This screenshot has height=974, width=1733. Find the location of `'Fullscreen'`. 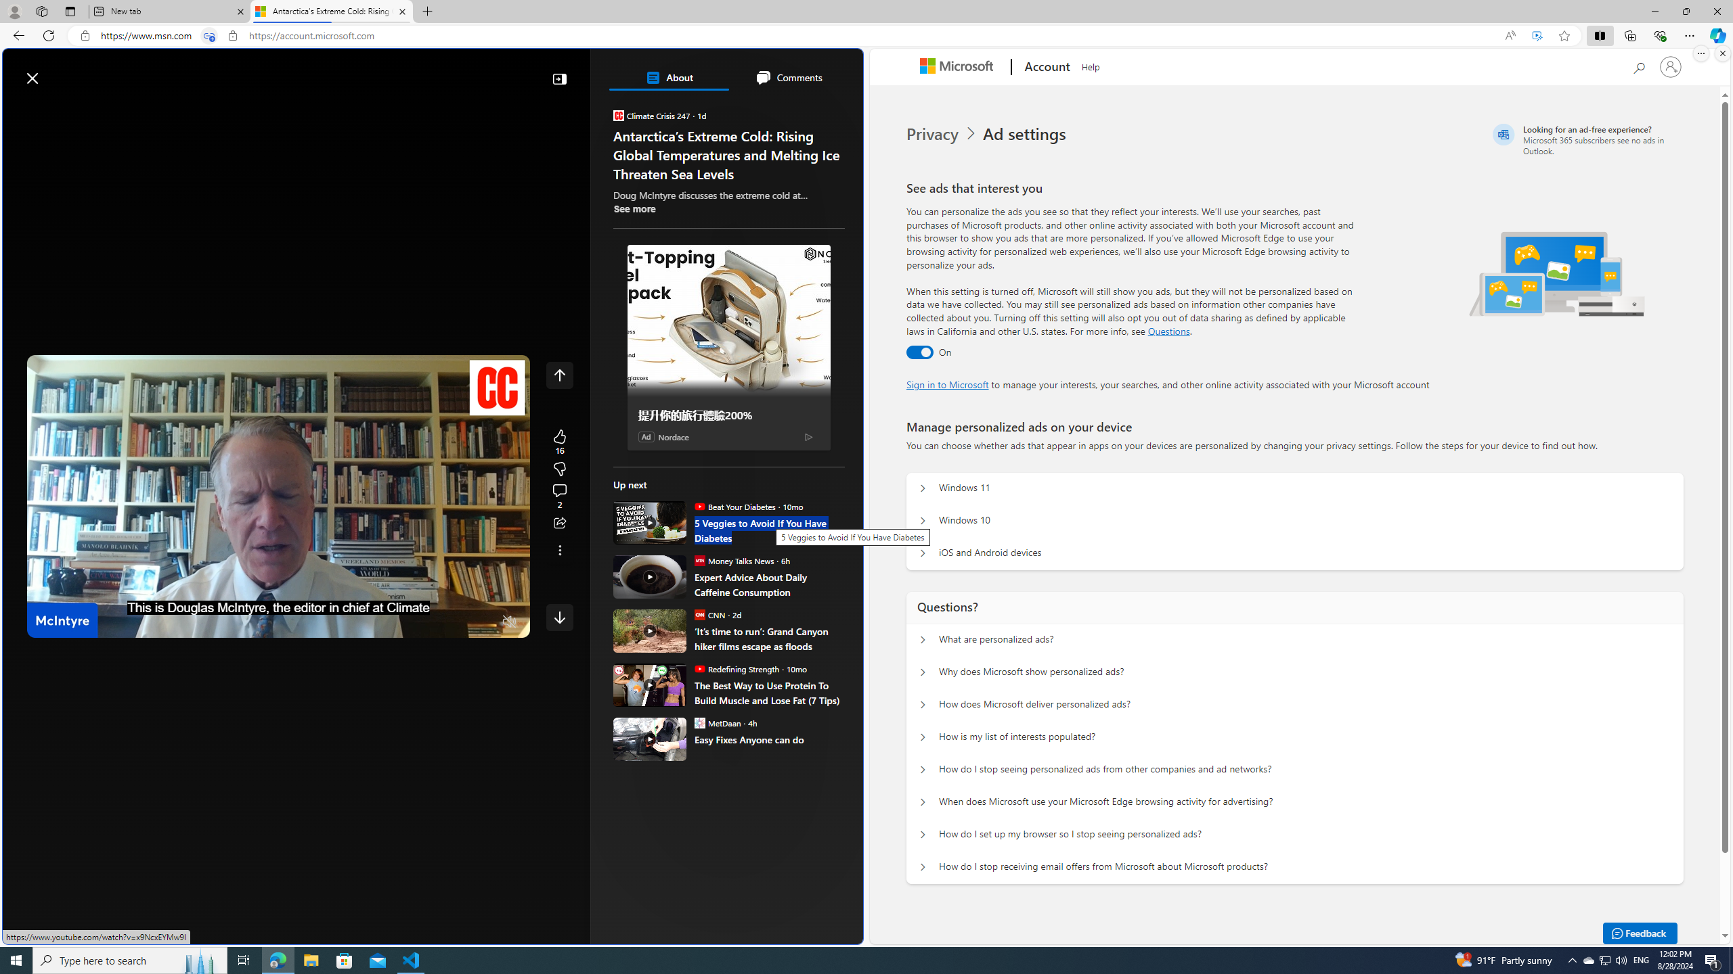

'Fullscreen' is located at coordinates (483, 622).